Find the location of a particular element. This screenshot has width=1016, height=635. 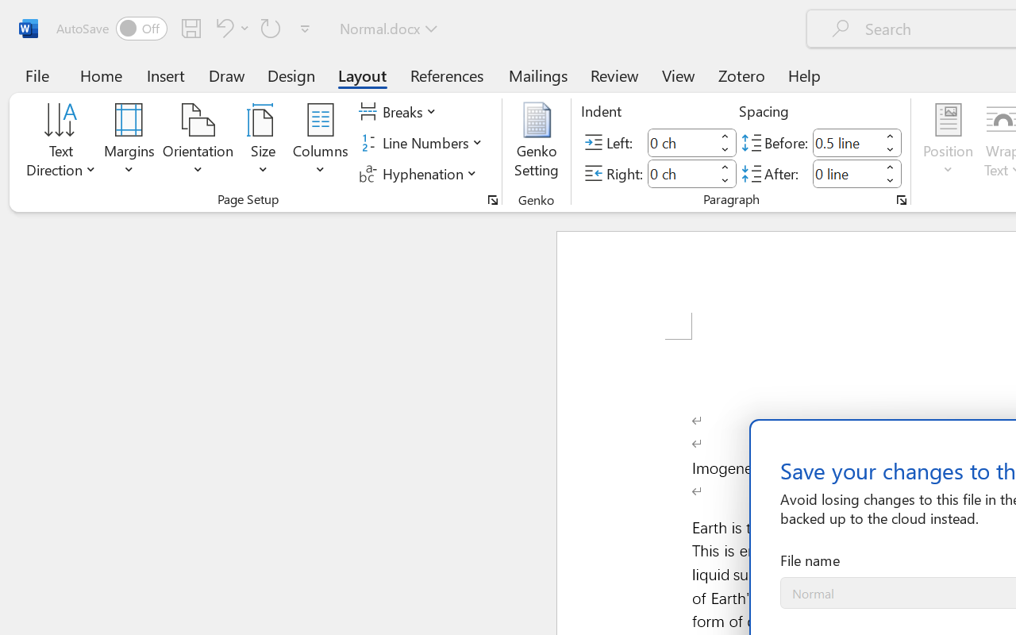

'Undo Paragraph Formatting' is located at coordinates (221, 27).